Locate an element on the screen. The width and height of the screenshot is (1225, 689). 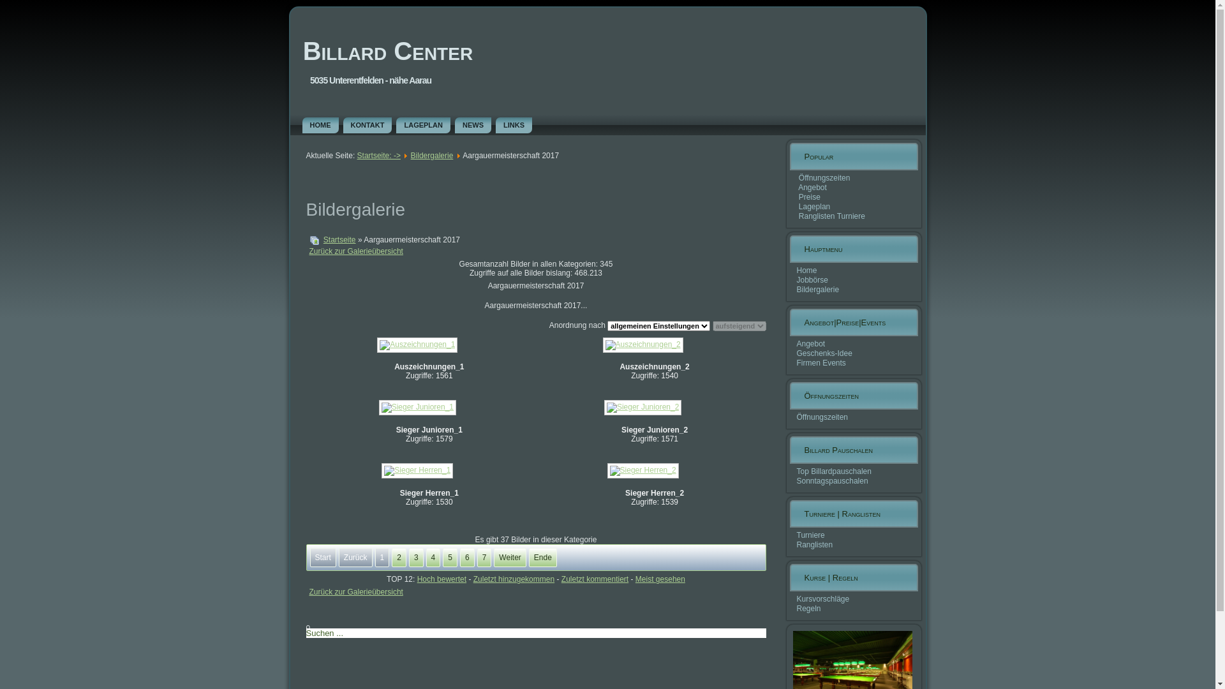
'Angebot' is located at coordinates (798, 187).